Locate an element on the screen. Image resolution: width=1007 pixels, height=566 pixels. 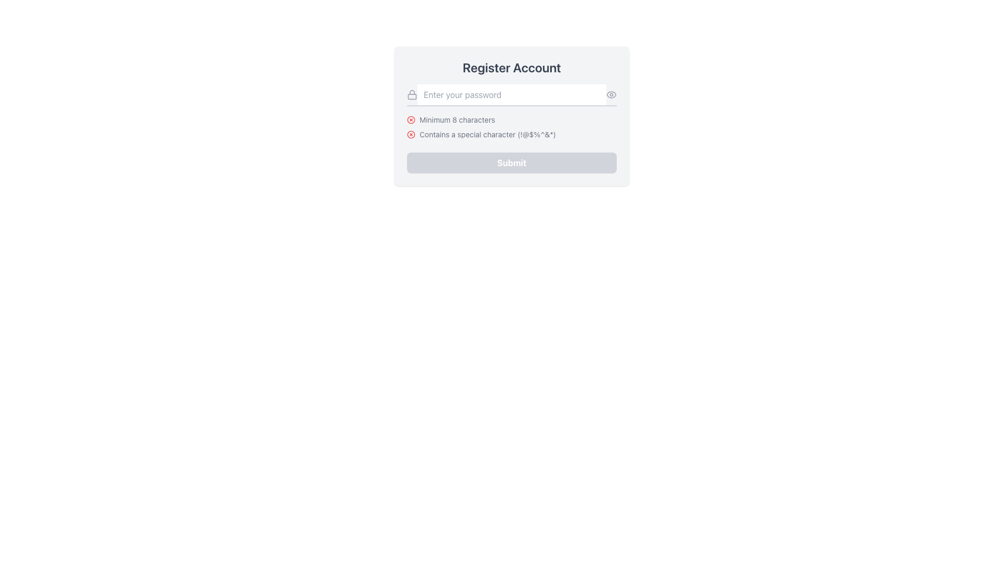
the 'Submit' button with rounded corners and a gray background is located at coordinates (511, 163).